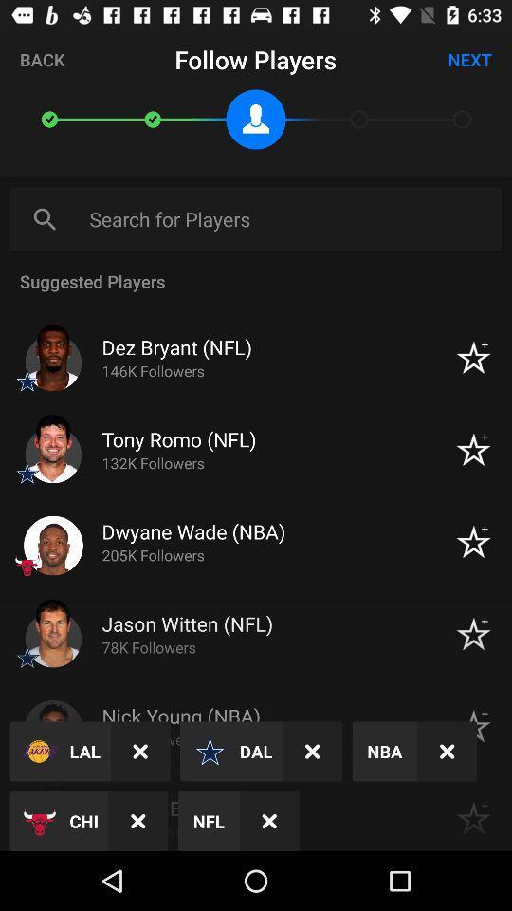 This screenshot has height=911, width=512. I want to click on the close icon, so click(139, 752).